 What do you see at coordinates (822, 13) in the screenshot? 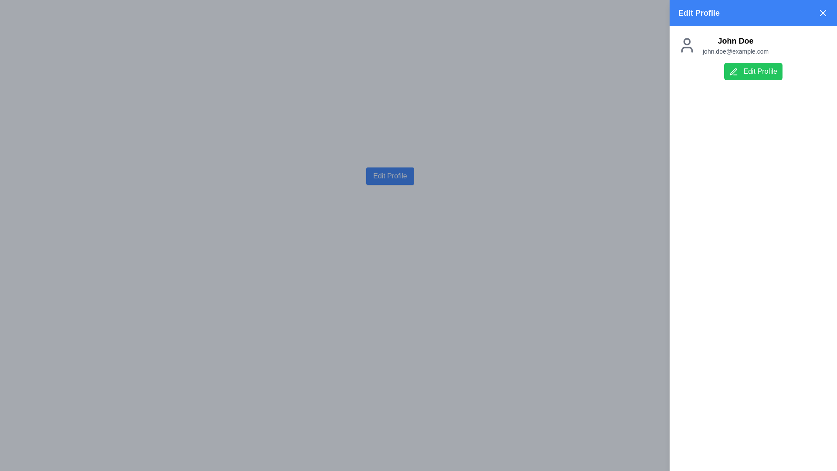
I see `the close icon button, which is a small blue circular button with a white 'X' symbol, located in the top-right corner of the 'Edit Profile' header bar` at bounding box center [822, 13].